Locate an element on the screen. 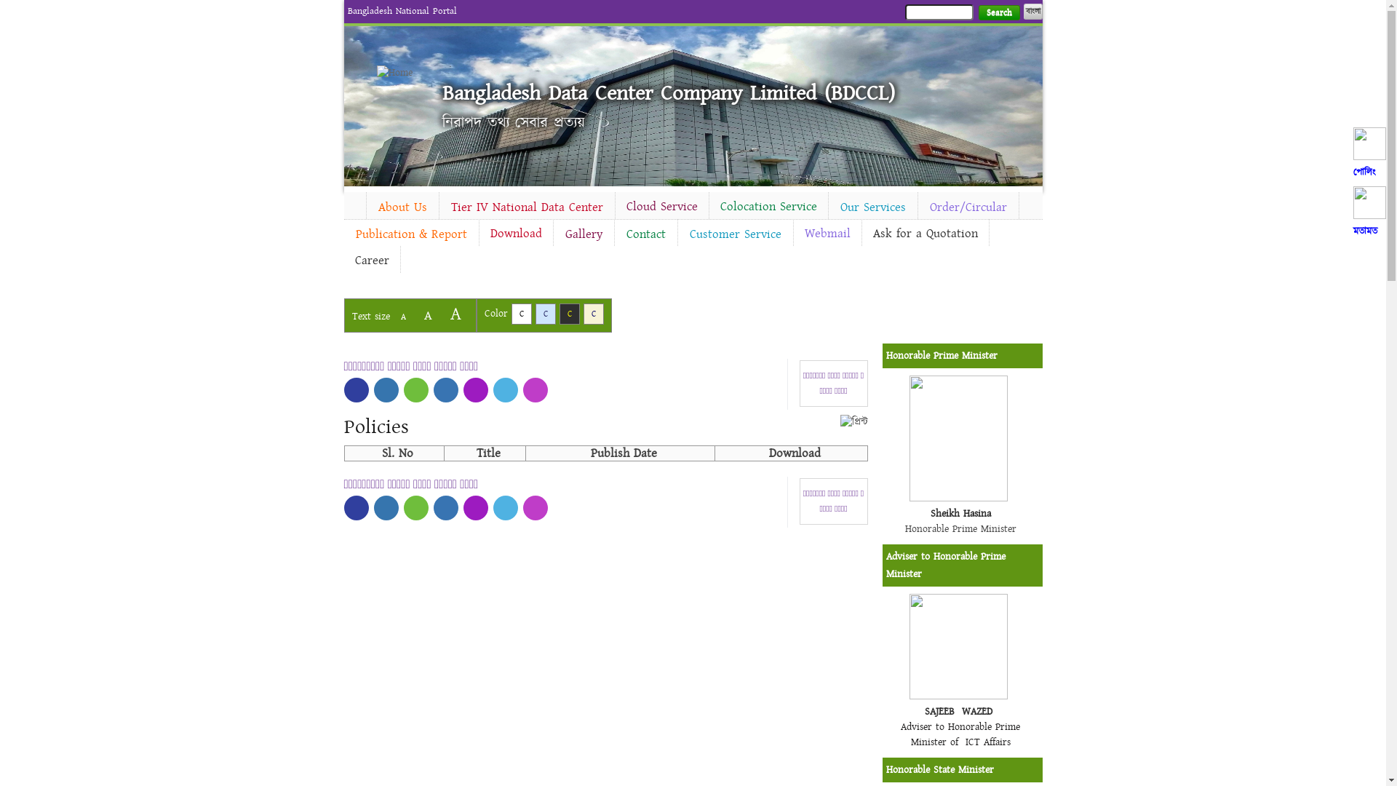 This screenshot has width=1397, height=786. 'Order/Circular' is located at coordinates (968, 207).